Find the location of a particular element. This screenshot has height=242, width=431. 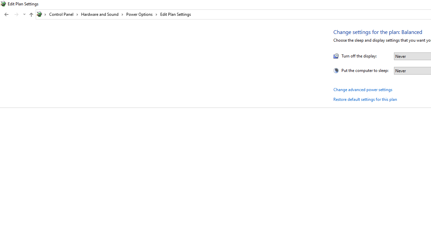

'Up band toolbar' is located at coordinates (31, 15).